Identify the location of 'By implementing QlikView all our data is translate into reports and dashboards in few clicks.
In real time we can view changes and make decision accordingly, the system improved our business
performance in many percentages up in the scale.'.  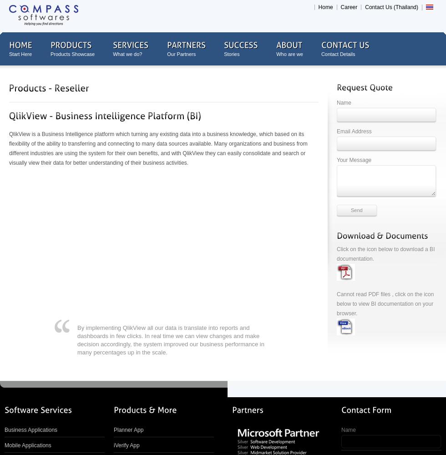
(171, 339).